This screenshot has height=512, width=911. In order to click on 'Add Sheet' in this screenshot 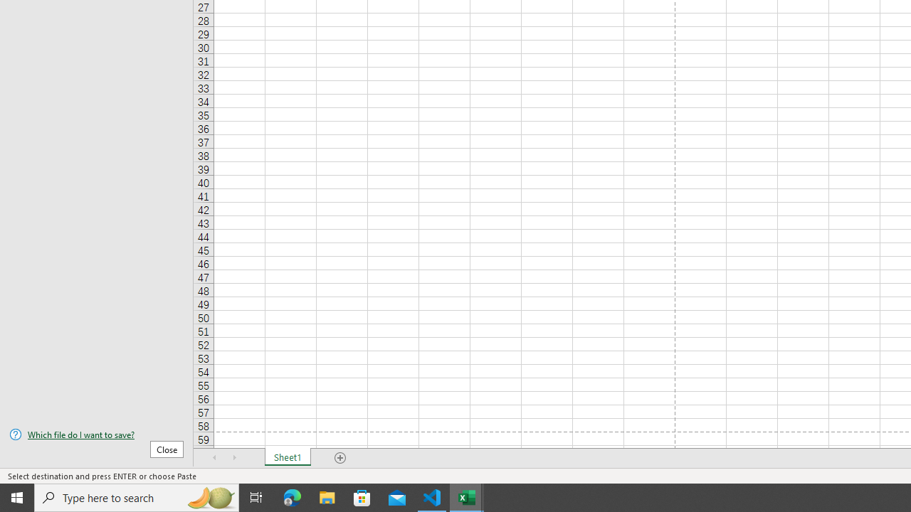, I will do `click(339, 458)`.